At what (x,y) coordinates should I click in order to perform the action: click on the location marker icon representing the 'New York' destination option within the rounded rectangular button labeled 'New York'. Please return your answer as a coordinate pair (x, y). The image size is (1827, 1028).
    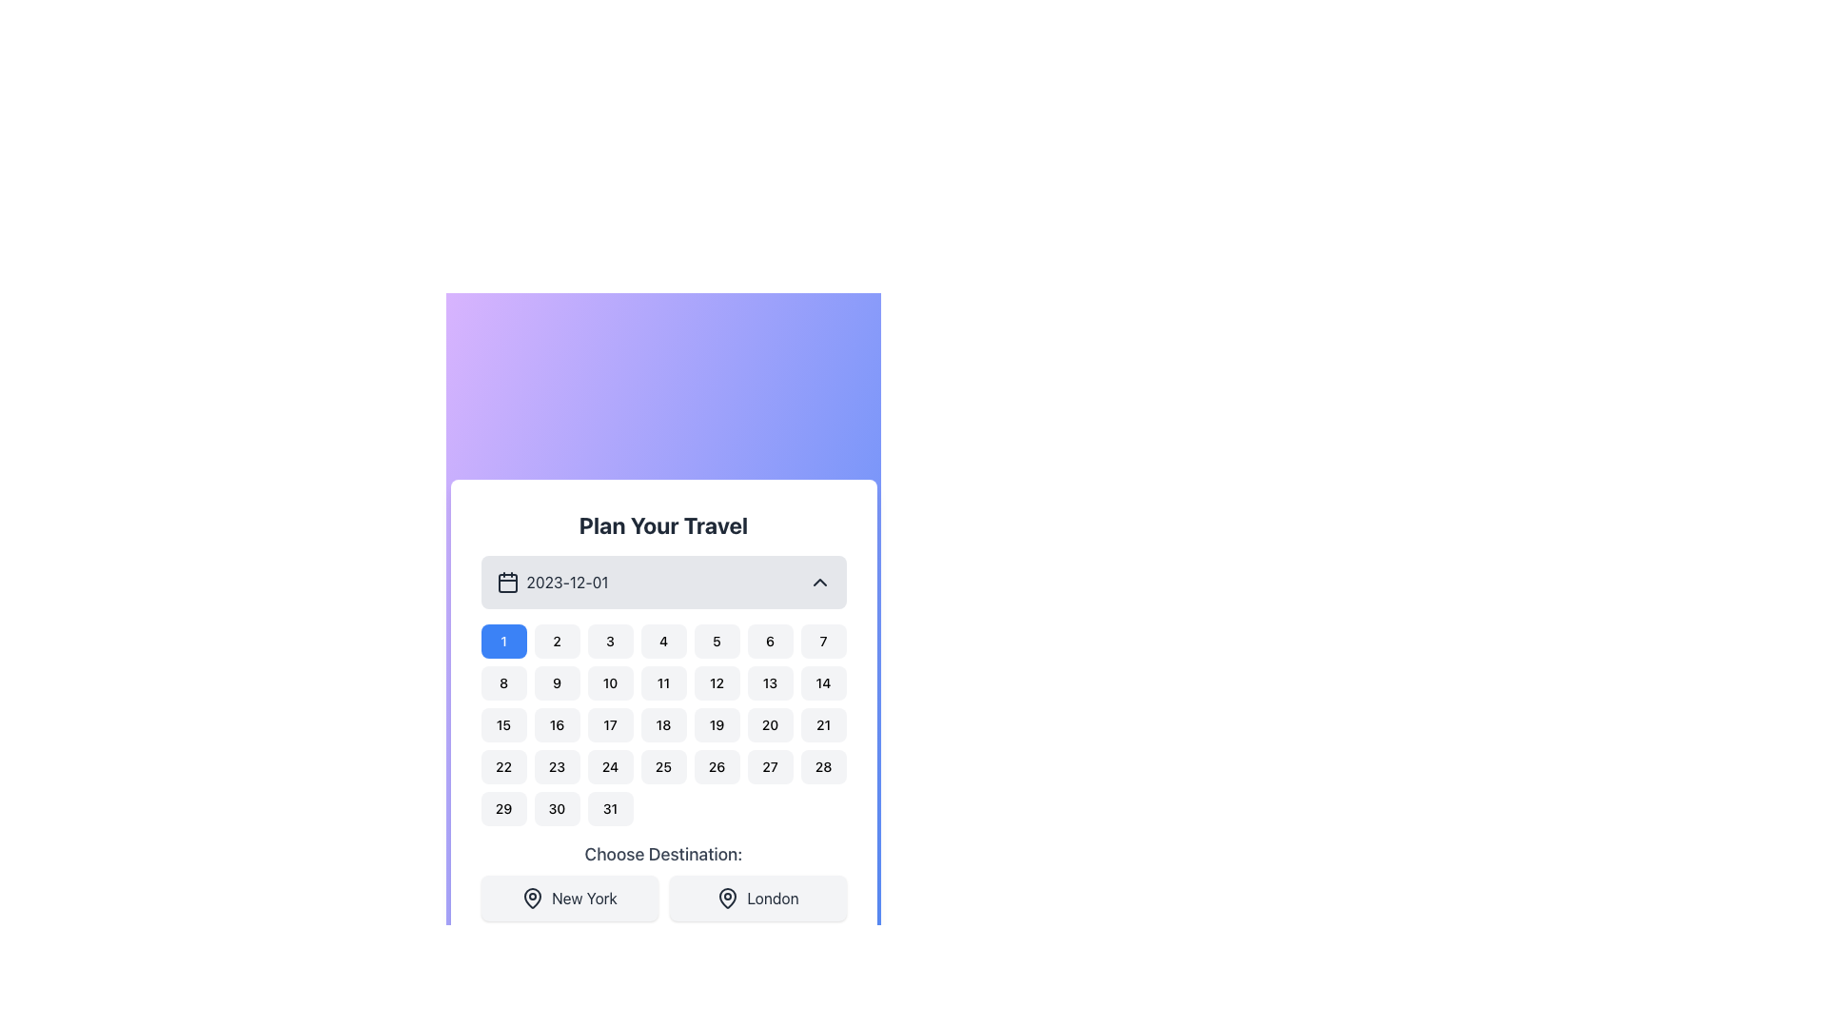
    Looking at the image, I should click on (533, 899).